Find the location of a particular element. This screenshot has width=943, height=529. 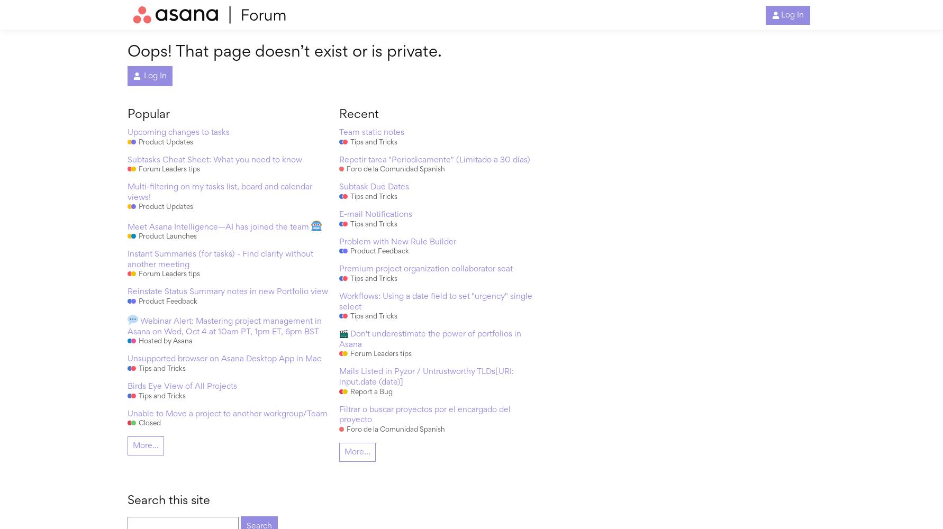

'Report a Bug' is located at coordinates (370, 391).